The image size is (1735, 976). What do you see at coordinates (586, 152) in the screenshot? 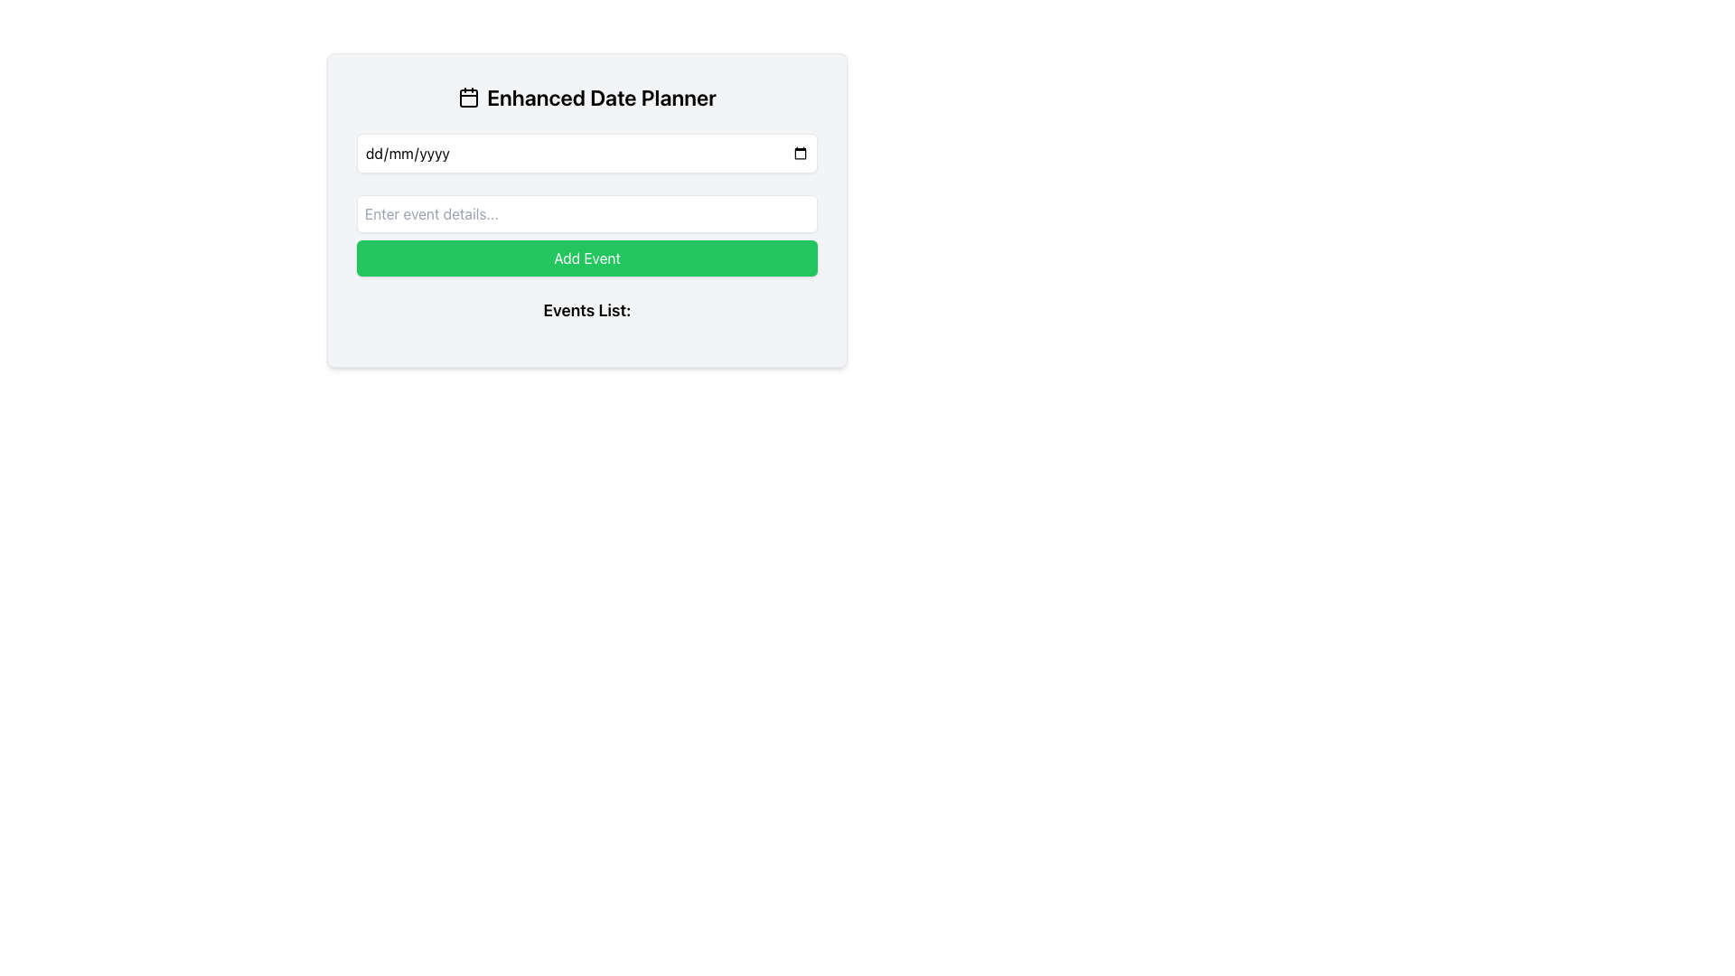
I see `the Date input field located in the 'Enhanced Date Planner' section to trigger potential tooltip or visual feedback` at bounding box center [586, 152].